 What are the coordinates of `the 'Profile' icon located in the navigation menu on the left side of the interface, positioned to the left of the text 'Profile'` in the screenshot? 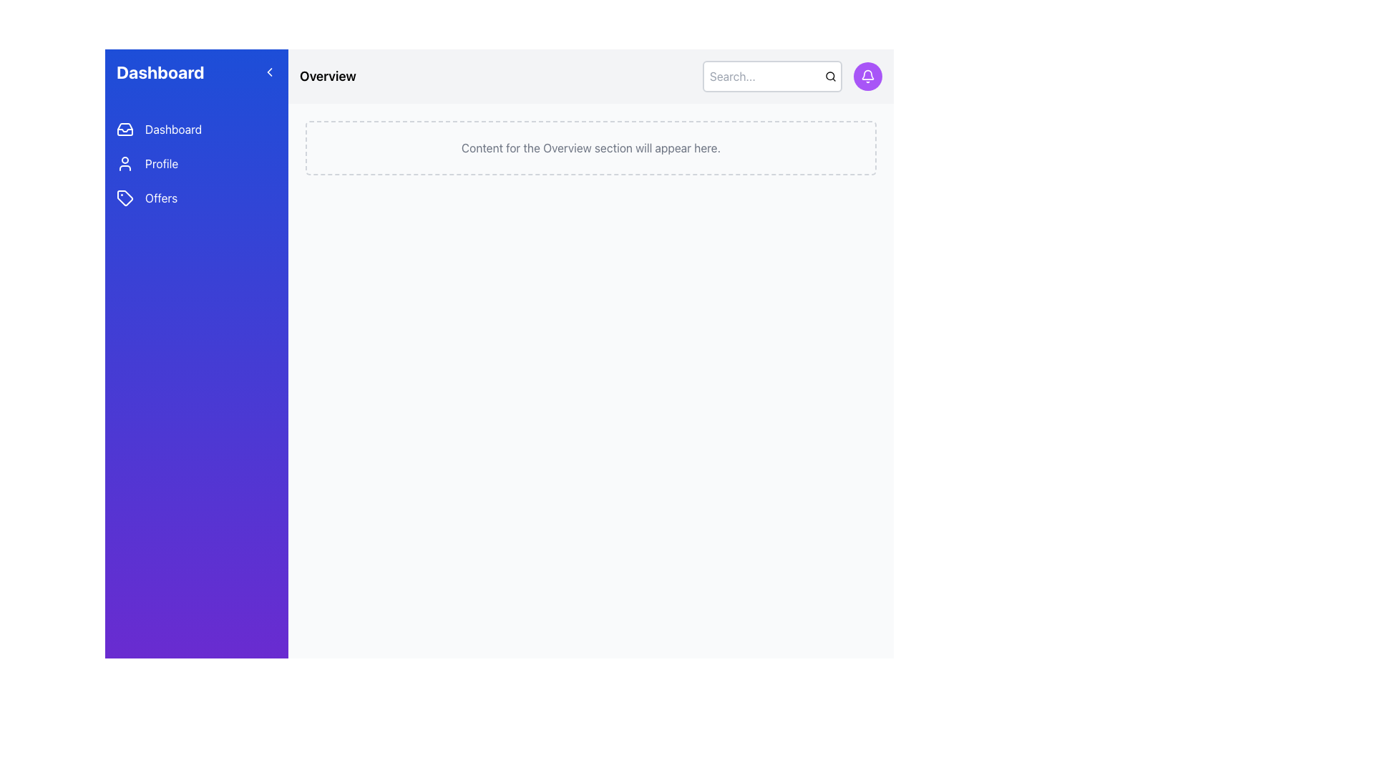 It's located at (125, 162).